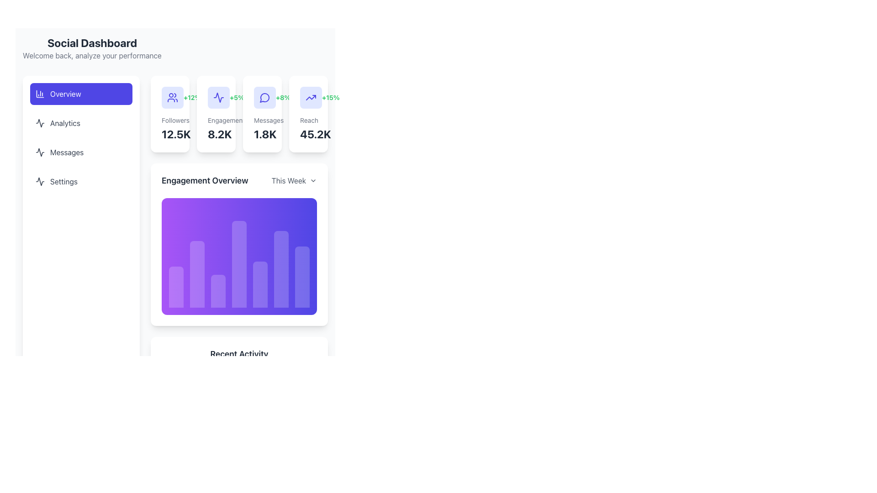 The image size is (877, 493). Describe the element at coordinates (176, 286) in the screenshot. I see `the first graphical bar in the 'Engagement Overview' chart, which visually represents a data value and is positioned to the far left within the chart` at that location.